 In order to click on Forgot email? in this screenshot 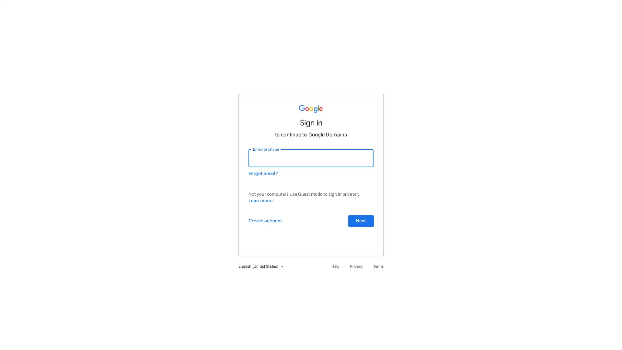, I will do `click(266, 177)`.